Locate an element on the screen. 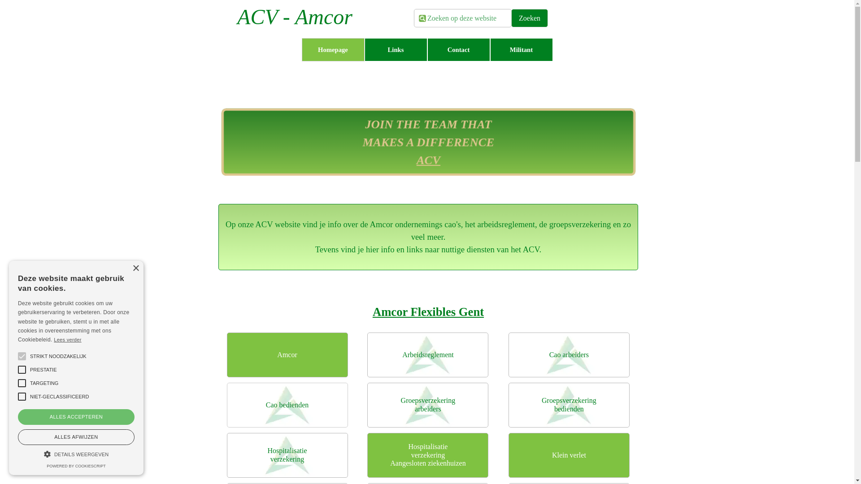 The height and width of the screenshot is (484, 861). 'Militant' is located at coordinates (521, 50).